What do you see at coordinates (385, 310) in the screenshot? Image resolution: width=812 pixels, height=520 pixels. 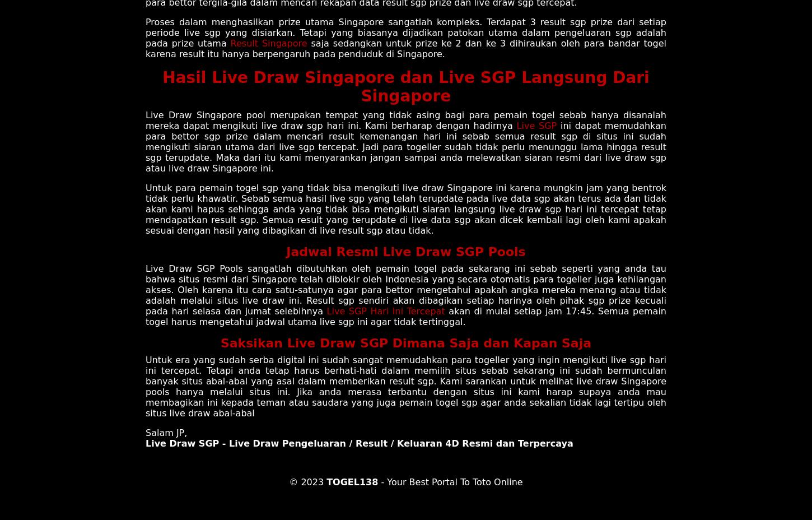 I see `'Live SGP Hari Ini Tercepat'` at bounding box center [385, 310].